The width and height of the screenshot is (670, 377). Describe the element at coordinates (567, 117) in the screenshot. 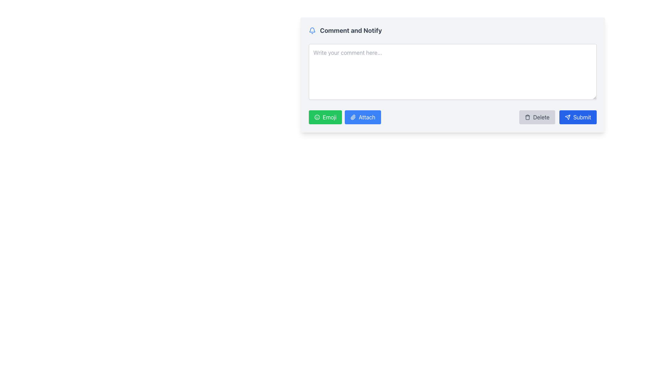

I see `the paper plane icon that is styled with a thin stroke and rounded edges, located in the bottom-right corner of the feedback section` at that location.